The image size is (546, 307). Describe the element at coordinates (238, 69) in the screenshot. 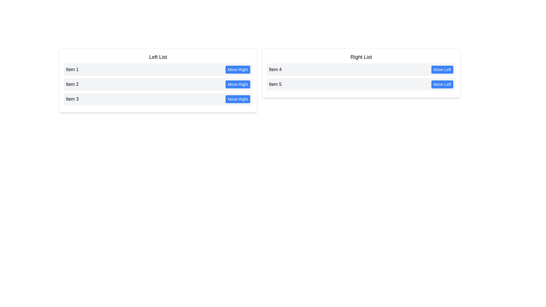

I see `'Move Right' button for the item Item 1 in the left list` at that location.